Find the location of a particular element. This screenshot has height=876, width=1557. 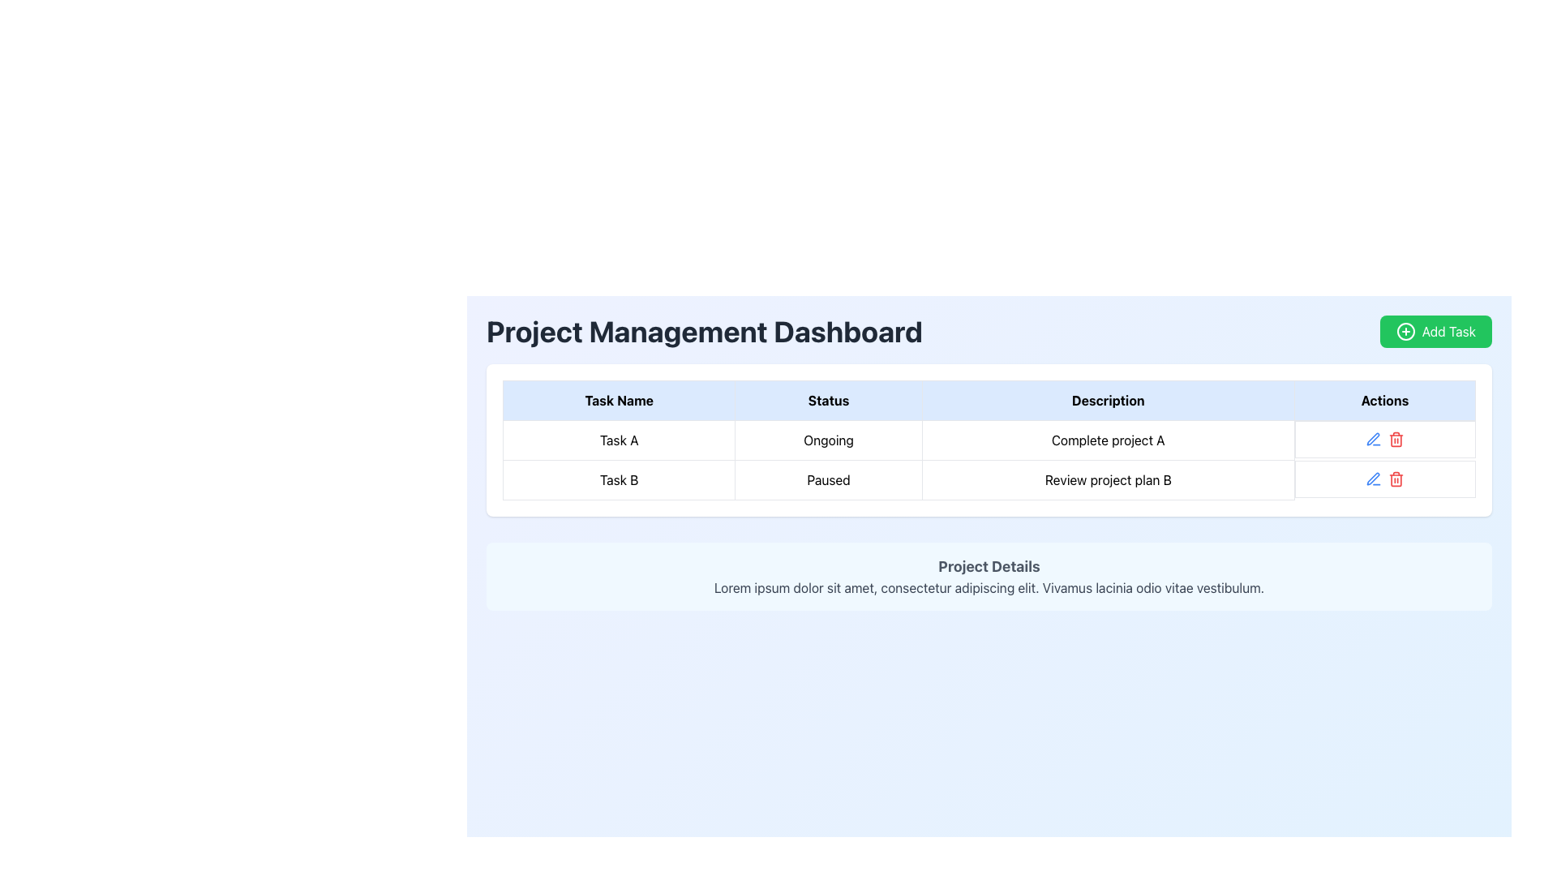

the static text element that serves as the header for the 'Task Name' column in the table, located at the far left position of its row, before the 'Status', 'Description', and 'Actions' headers is located at coordinates (618, 400).